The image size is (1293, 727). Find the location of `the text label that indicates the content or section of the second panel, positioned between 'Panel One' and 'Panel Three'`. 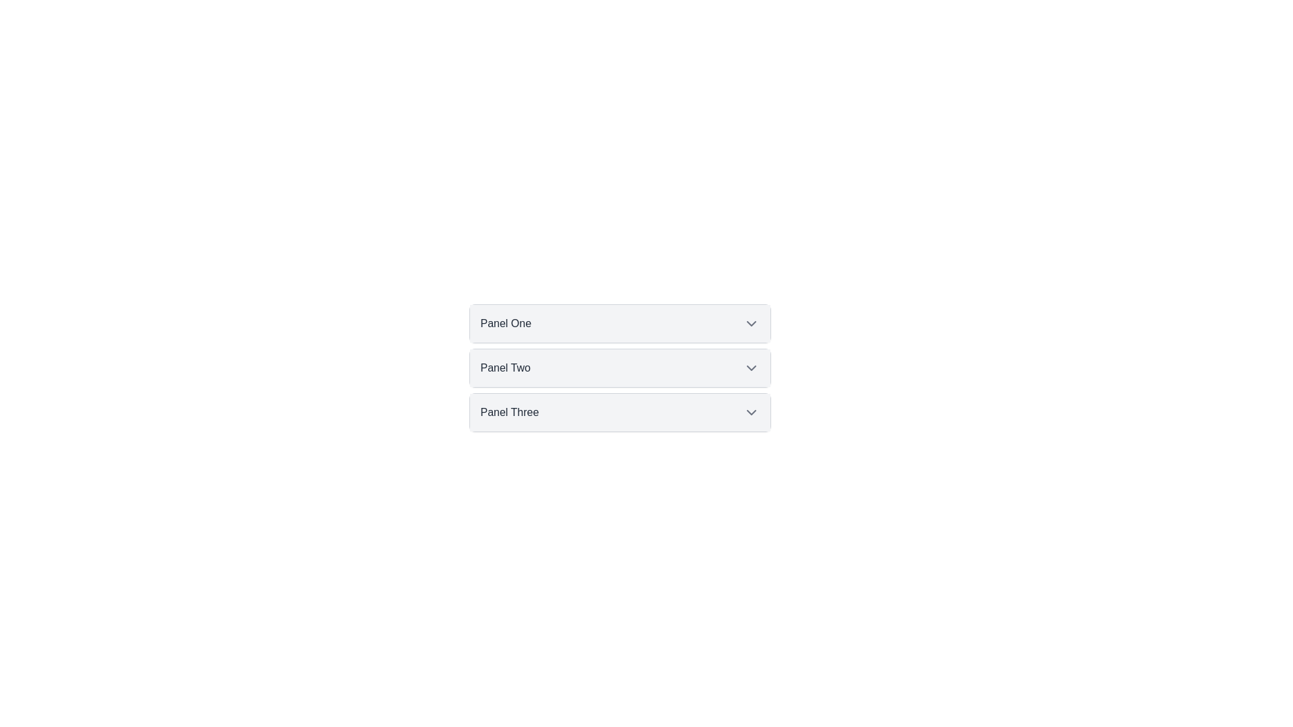

the text label that indicates the content or section of the second panel, positioned between 'Panel One' and 'Panel Three' is located at coordinates (504, 368).